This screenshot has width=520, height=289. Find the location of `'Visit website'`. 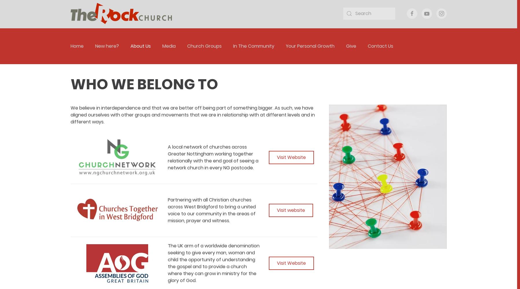

'Visit website' is located at coordinates (277, 210).